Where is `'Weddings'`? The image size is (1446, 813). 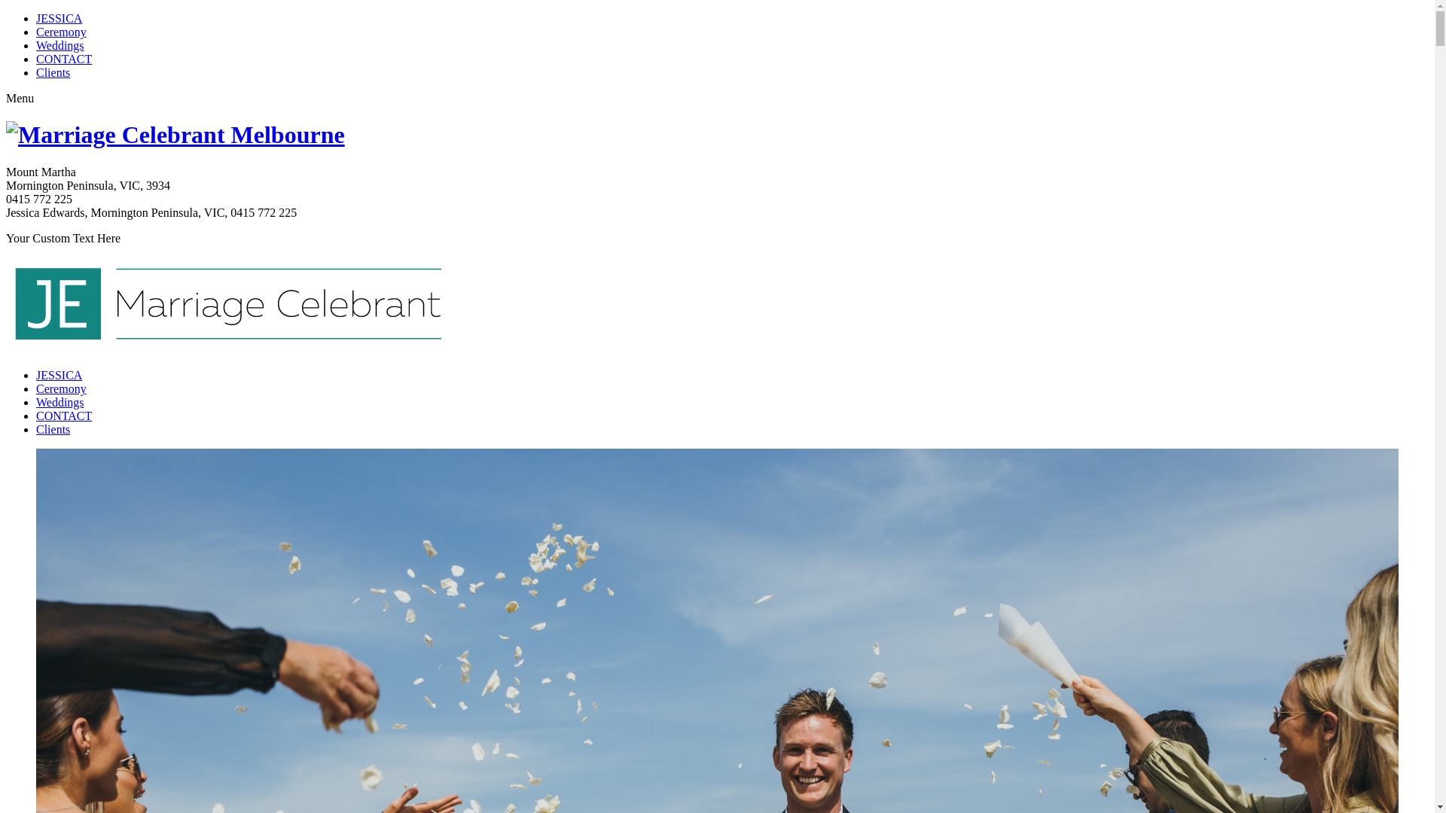 'Weddings' is located at coordinates (60, 44).